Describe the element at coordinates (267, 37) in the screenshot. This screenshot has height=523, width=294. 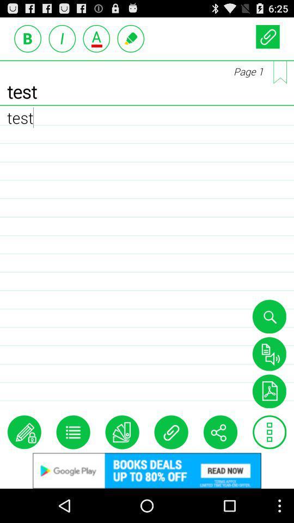
I see `click upload files` at that location.